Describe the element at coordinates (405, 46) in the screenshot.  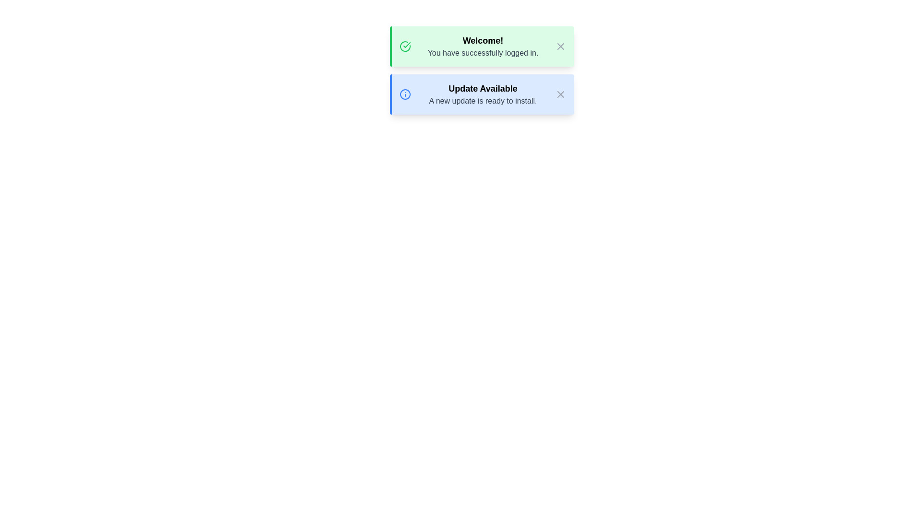
I see `the success indicator icon located at the left side of the green notification box titled 'Welcome!', which is next to the notification text` at that location.